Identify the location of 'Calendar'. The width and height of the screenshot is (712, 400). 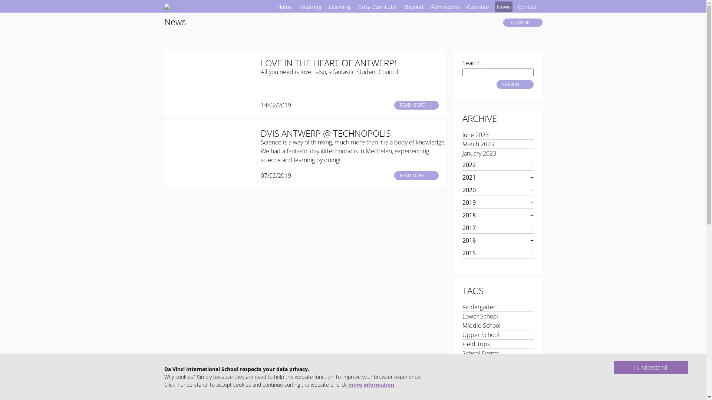
(478, 7).